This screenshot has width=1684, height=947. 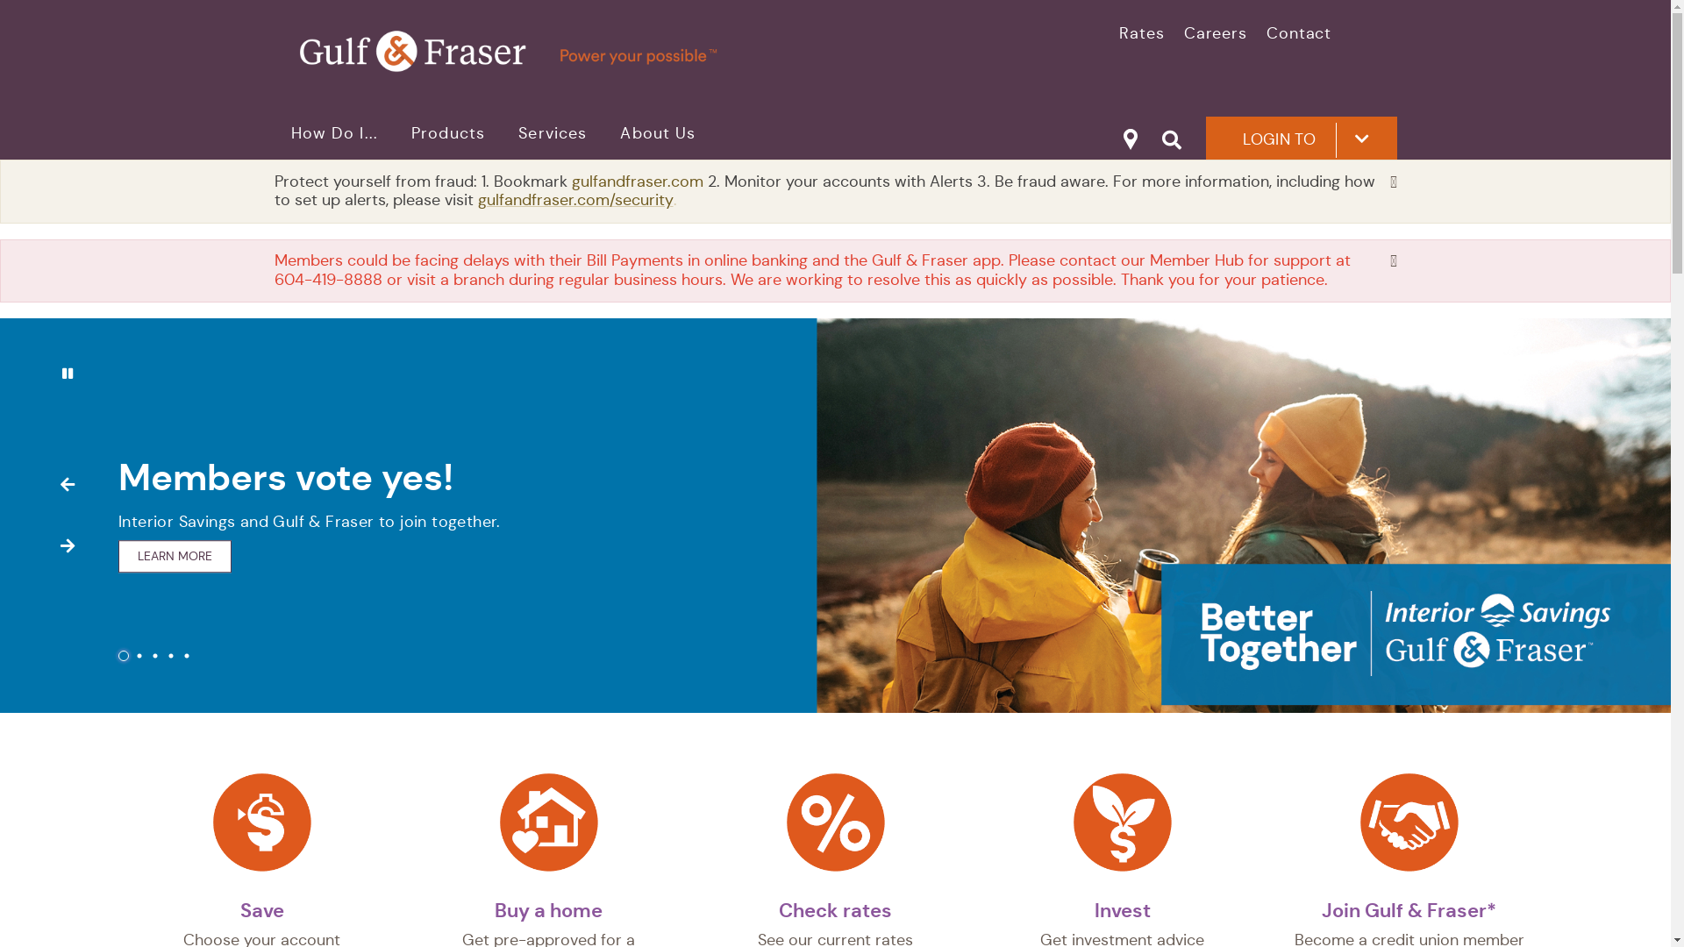 What do you see at coordinates (186, 656) in the screenshot?
I see `'5'` at bounding box center [186, 656].